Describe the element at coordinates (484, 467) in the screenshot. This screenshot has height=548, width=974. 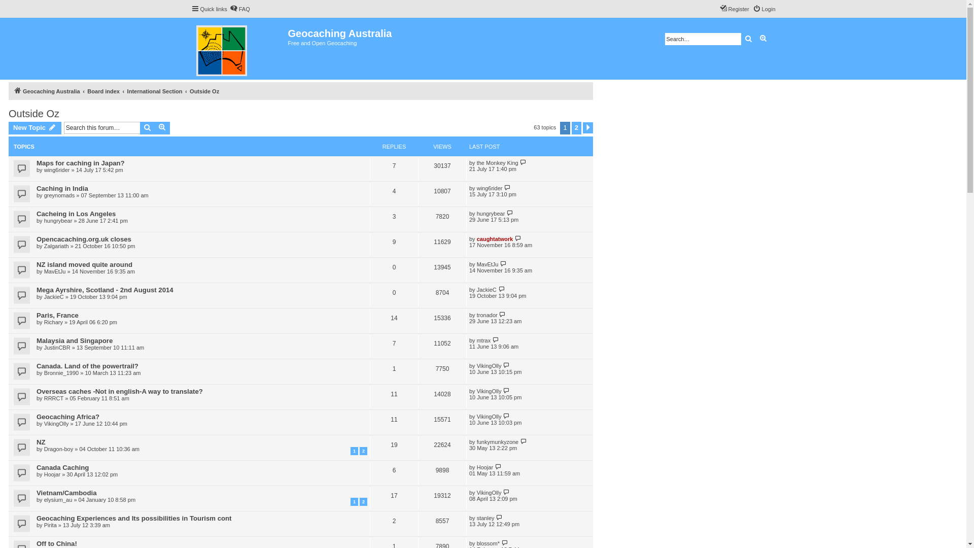
I see `'Hoojar'` at that location.